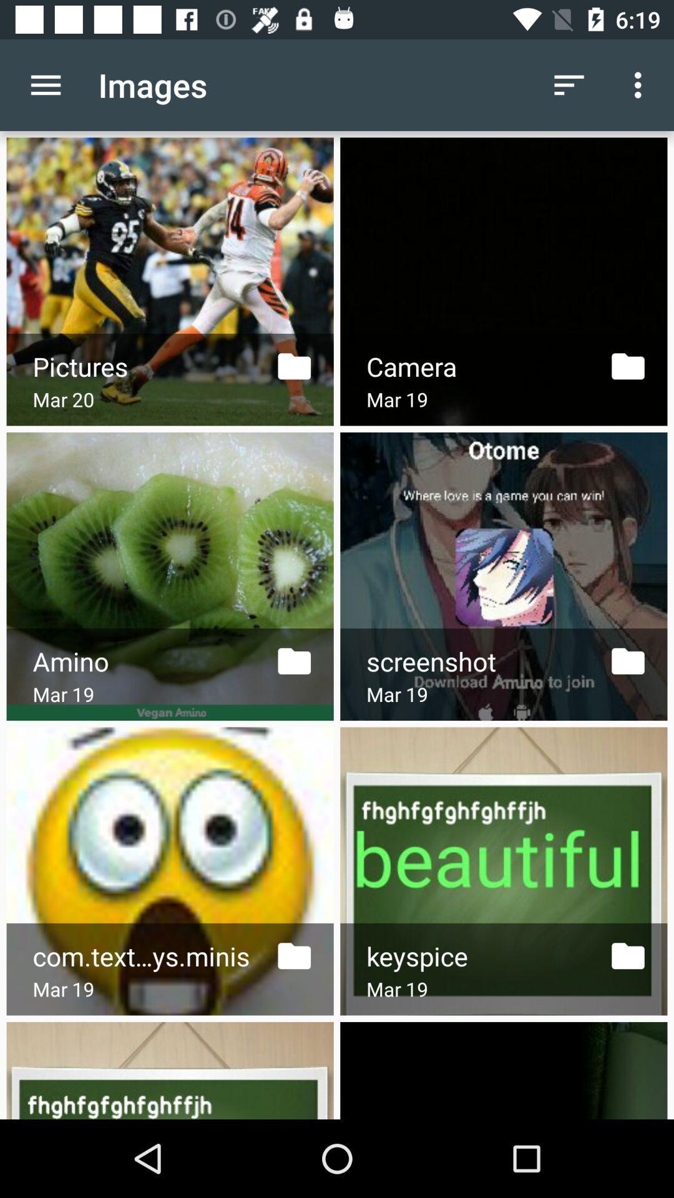  Describe the element at coordinates (569, 84) in the screenshot. I see `the item to the right of the images` at that location.